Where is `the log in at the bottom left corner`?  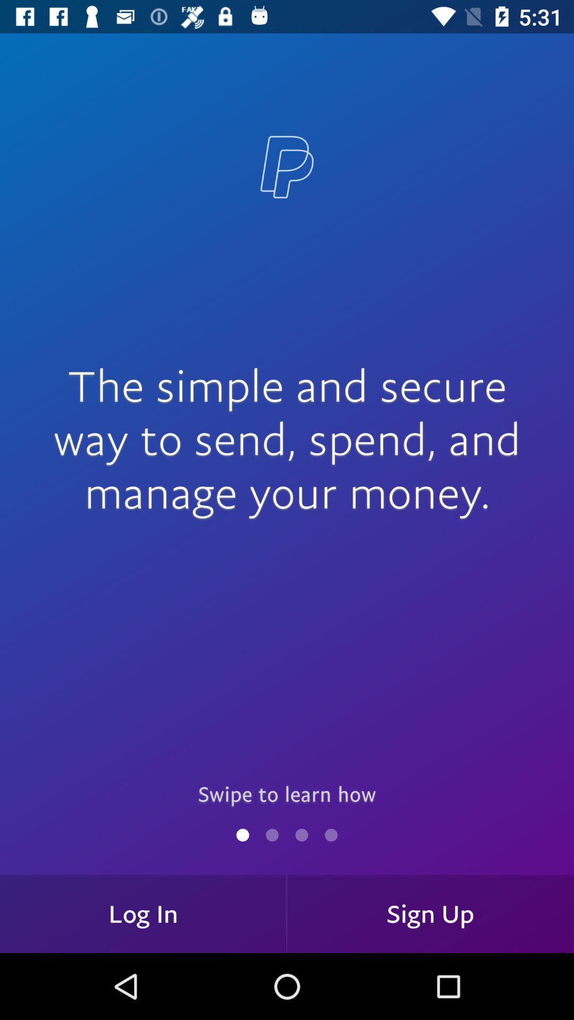
the log in at the bottom left corner is located at coordinates (142, 913).